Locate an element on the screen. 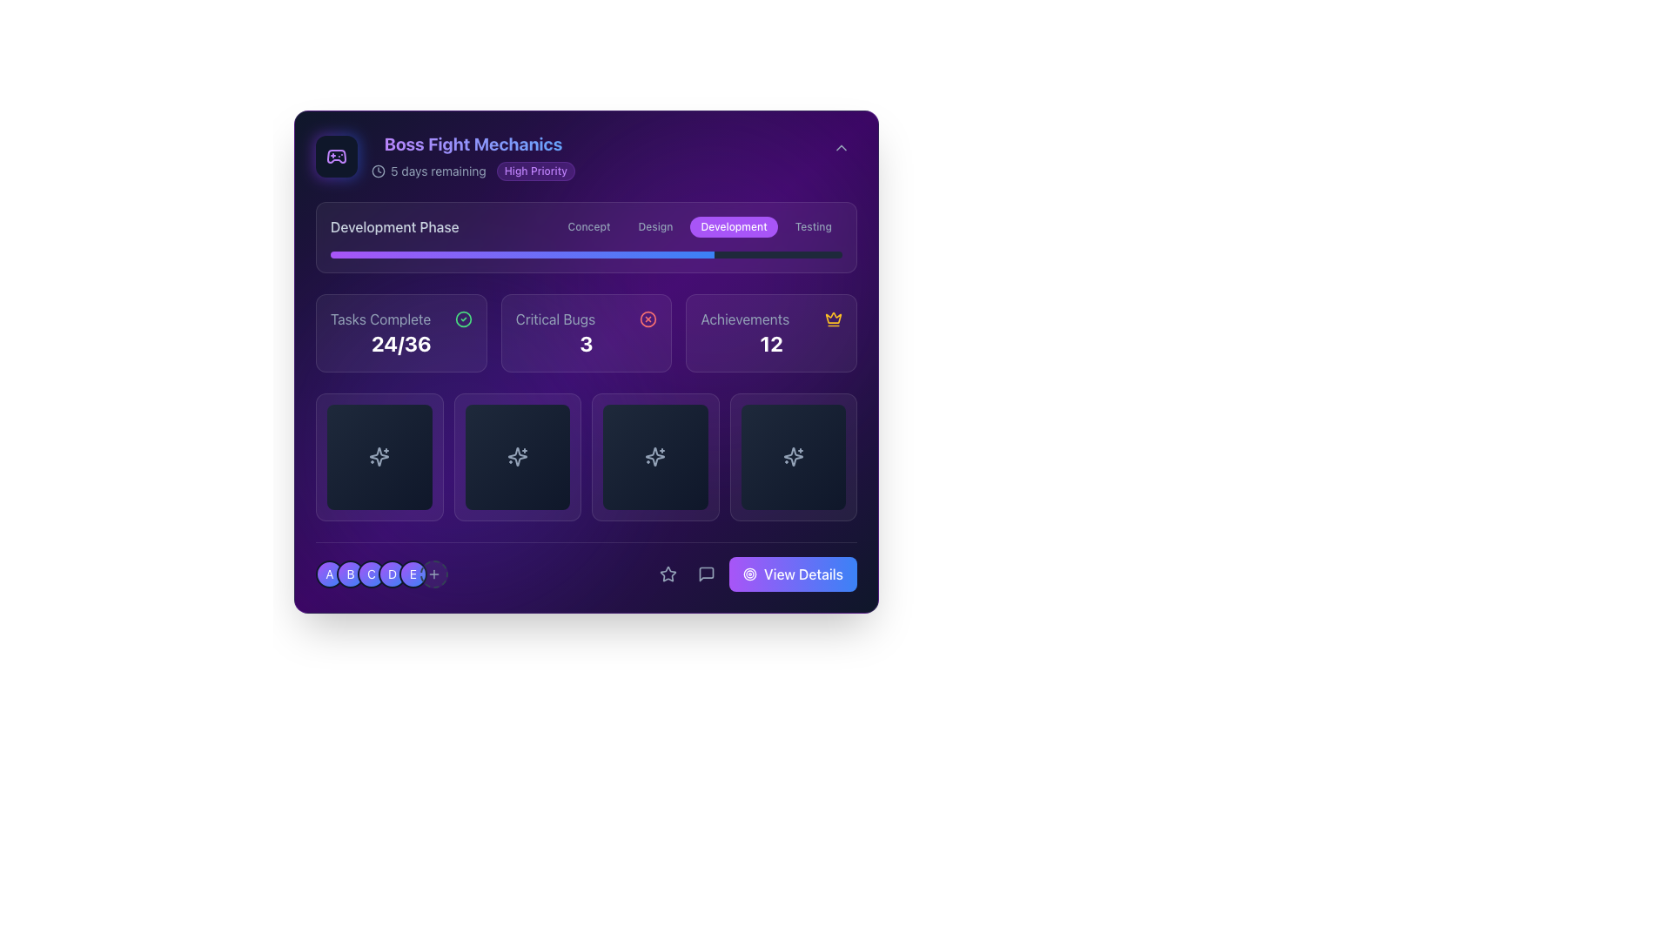  the 'Achievements' label with a crown icon, which is styled in slate gray and amber-yellow, located in the top-right card of a three-card grid layout is located at coordinates (770, 319).